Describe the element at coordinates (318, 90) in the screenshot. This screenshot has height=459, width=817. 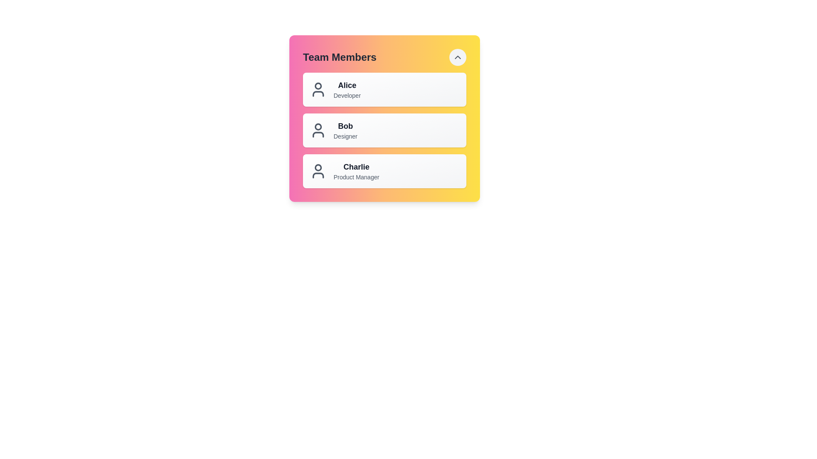
I see `the icon next to Alice's name` at that location.